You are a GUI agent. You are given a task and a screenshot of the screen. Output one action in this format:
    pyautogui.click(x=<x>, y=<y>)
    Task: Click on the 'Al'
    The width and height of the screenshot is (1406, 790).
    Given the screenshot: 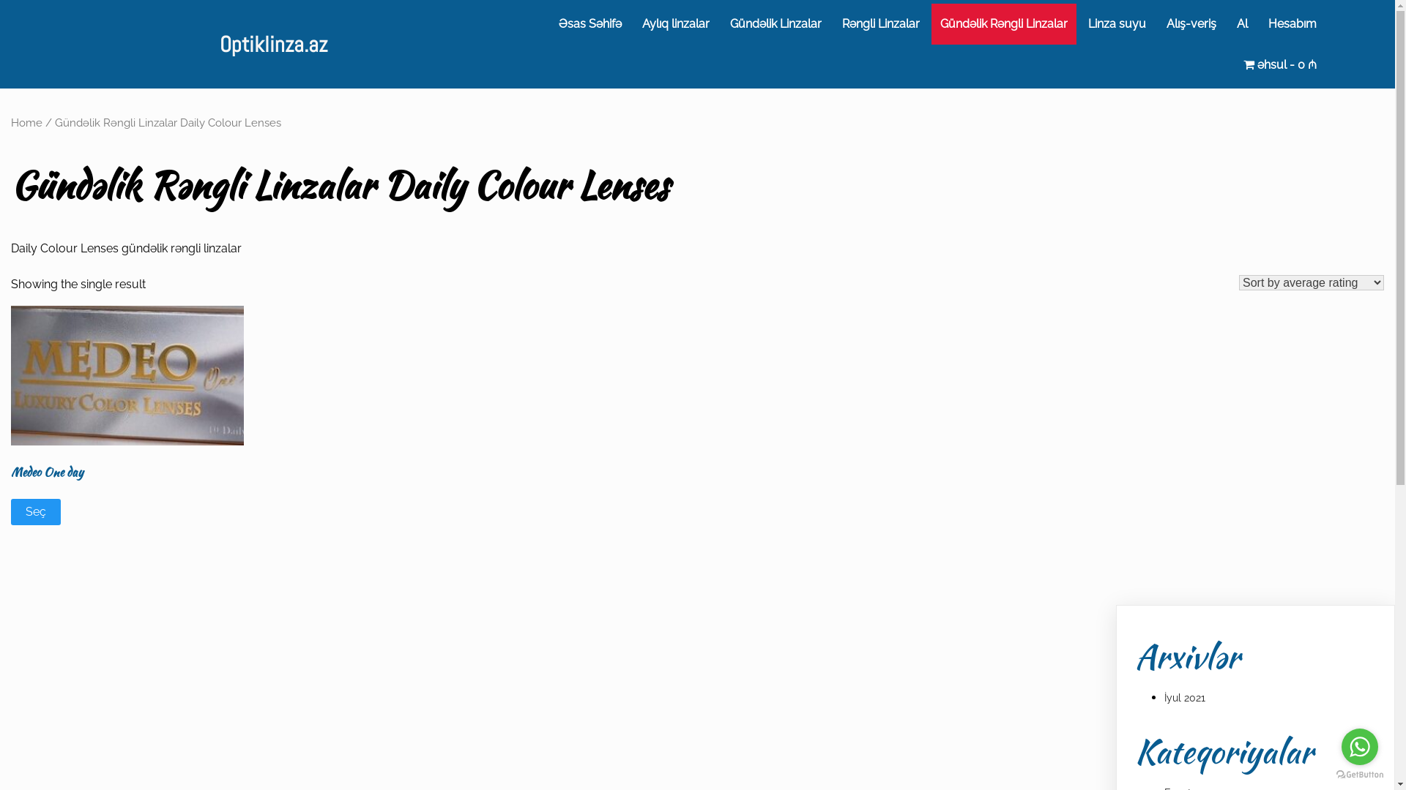 What is the action you would take?
    pyautogui.click(x=1241, y=24)
    